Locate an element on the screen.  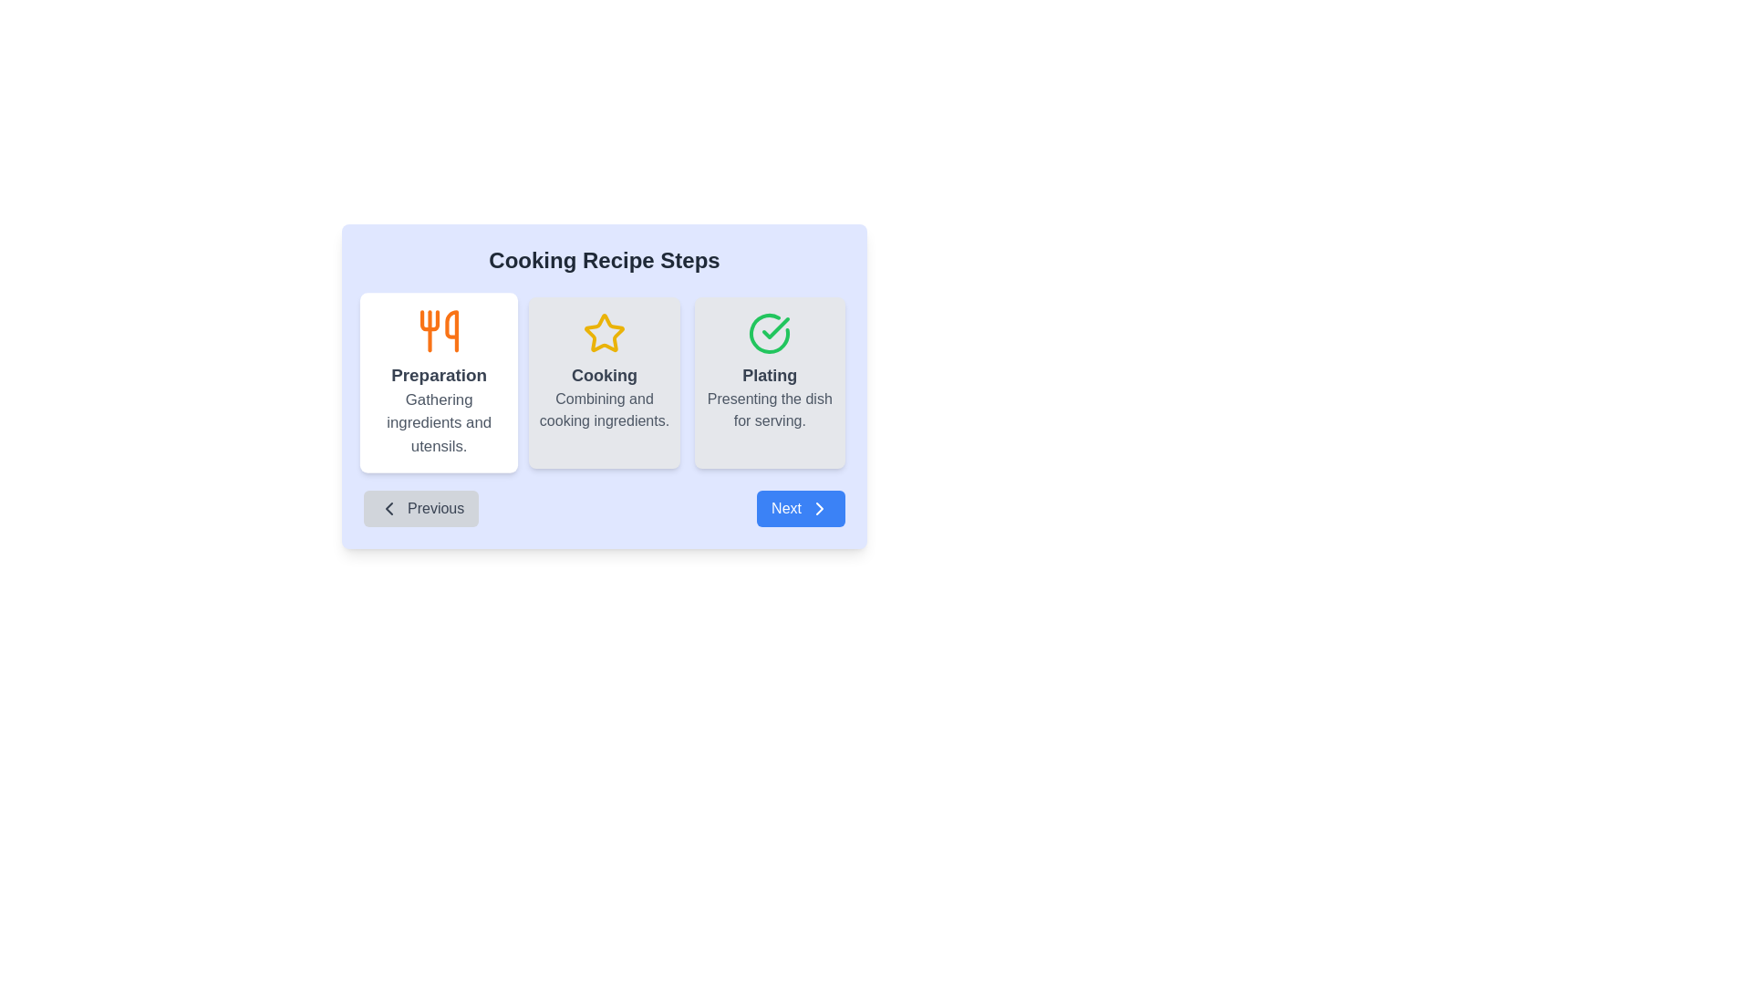
descriptive subtitle text element located beneath the 'Cooking' heading in the second panel, between the 'Preparation' and 'Plating' panels is located at coordinates (604, 410).